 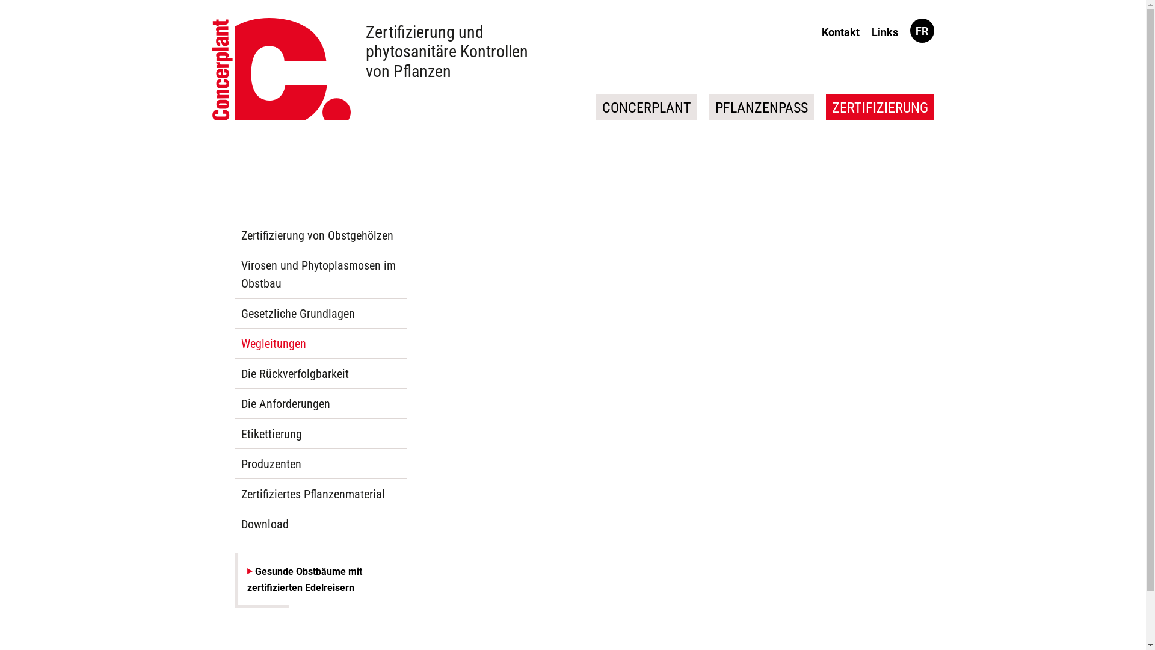 What do you see at coordinates (320, 494) in the screenshot?
I see `'Zertifiziertes Pflanzenmaterial'` at bounding box center [320, 494].